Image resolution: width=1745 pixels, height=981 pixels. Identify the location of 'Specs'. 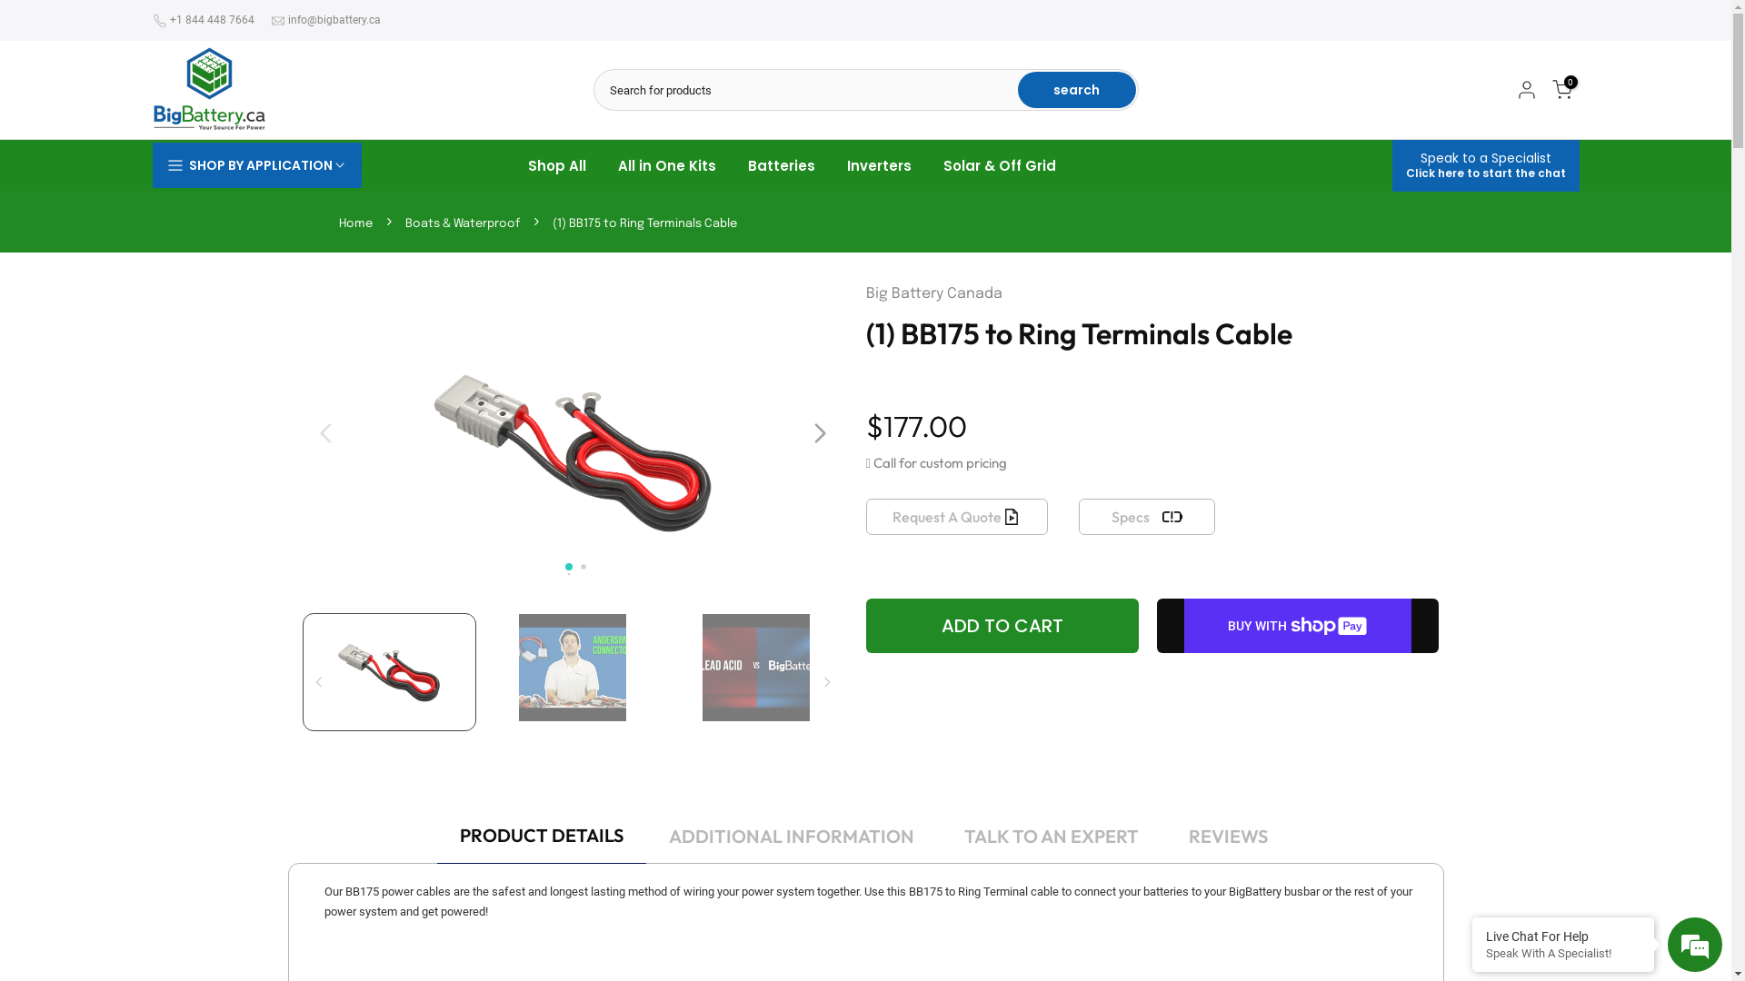
(1077, 517).